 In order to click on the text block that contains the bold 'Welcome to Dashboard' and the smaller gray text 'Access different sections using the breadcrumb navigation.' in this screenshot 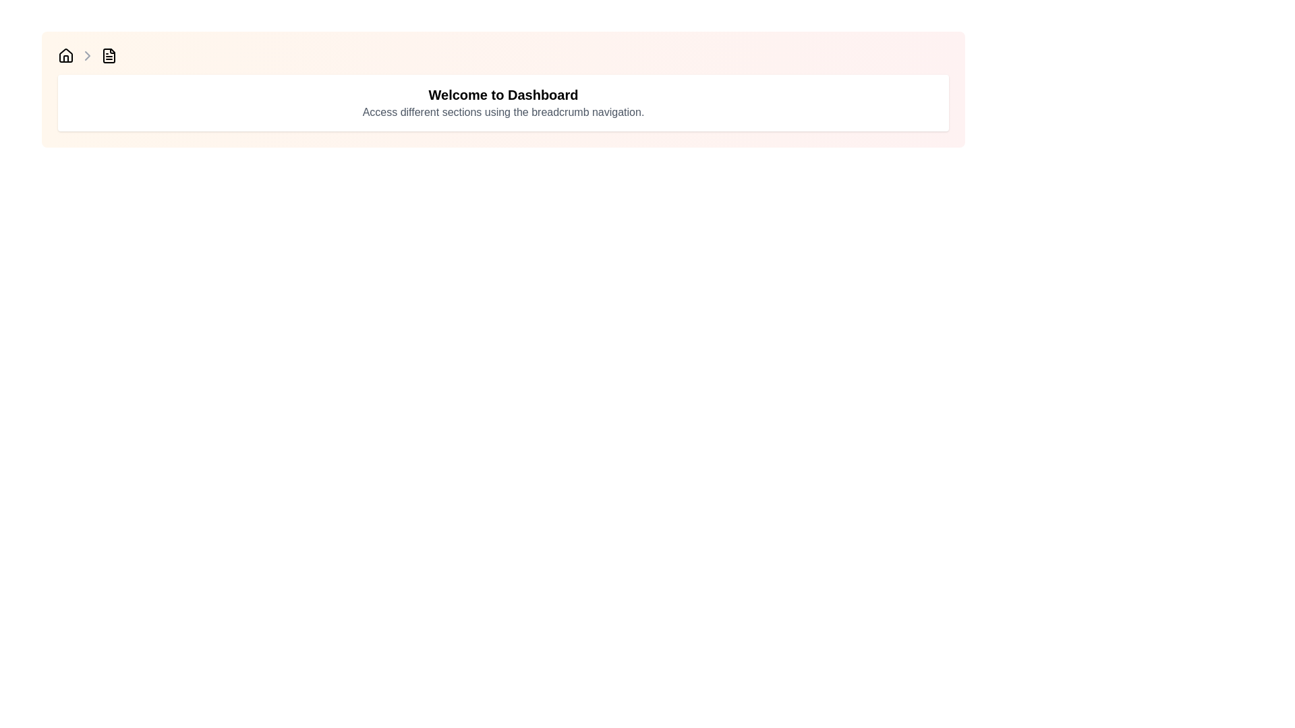, I will do `click(502, 102)`.